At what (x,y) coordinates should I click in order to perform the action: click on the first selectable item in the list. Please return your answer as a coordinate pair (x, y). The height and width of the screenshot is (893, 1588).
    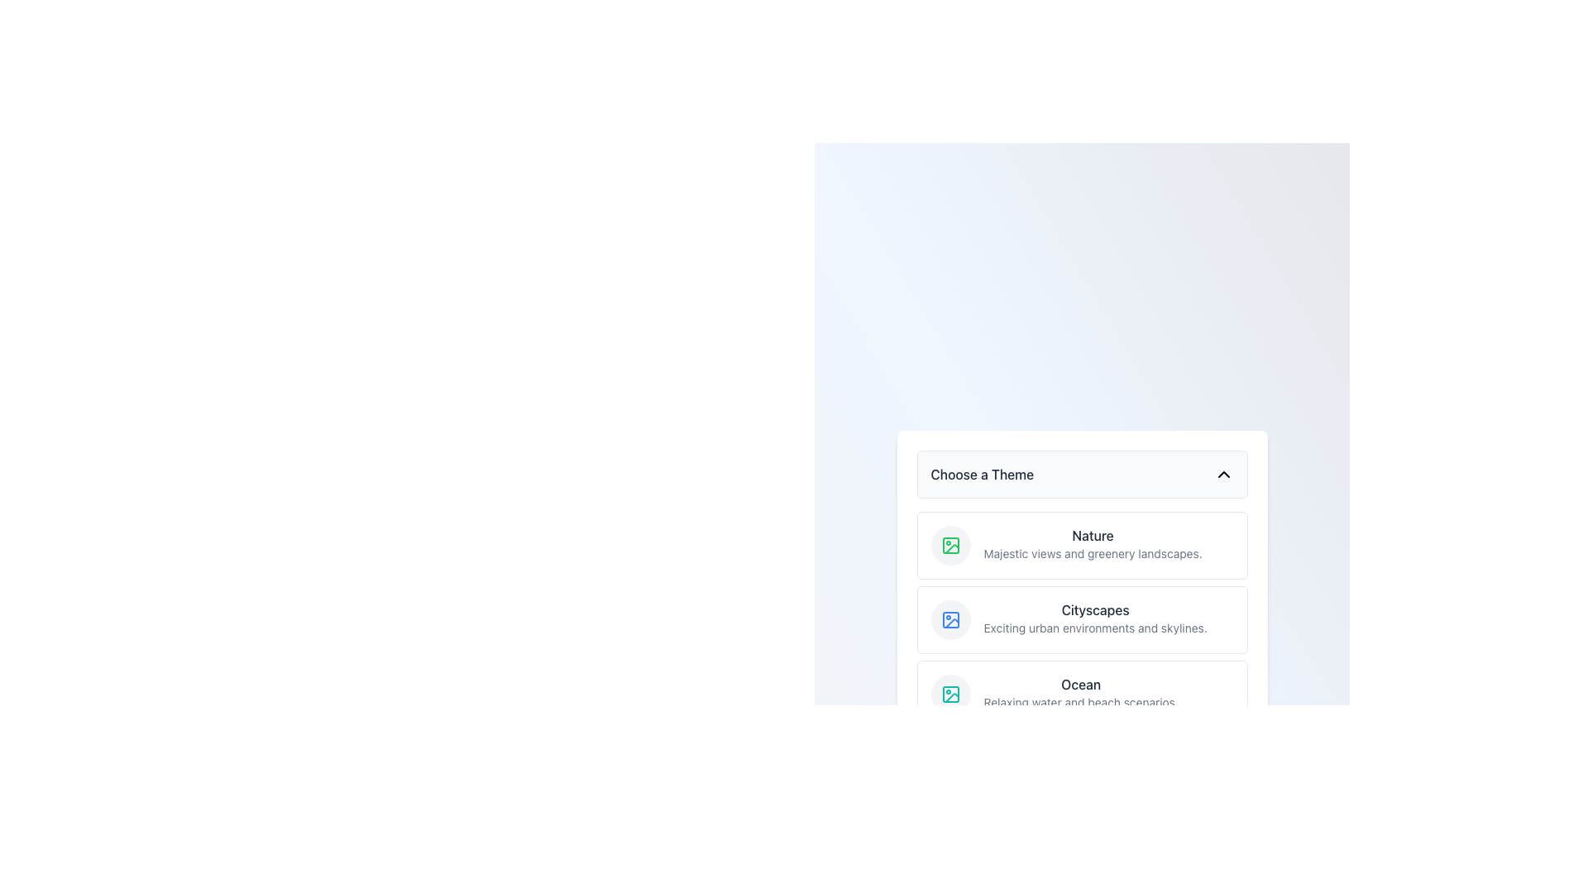
    Looking at the image, I should click on (1093, 545).